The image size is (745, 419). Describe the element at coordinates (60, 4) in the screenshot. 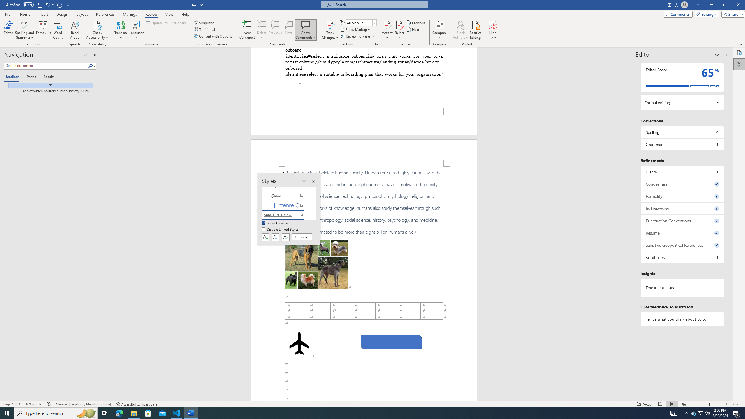

I see `'Repeat Style'` at that location.